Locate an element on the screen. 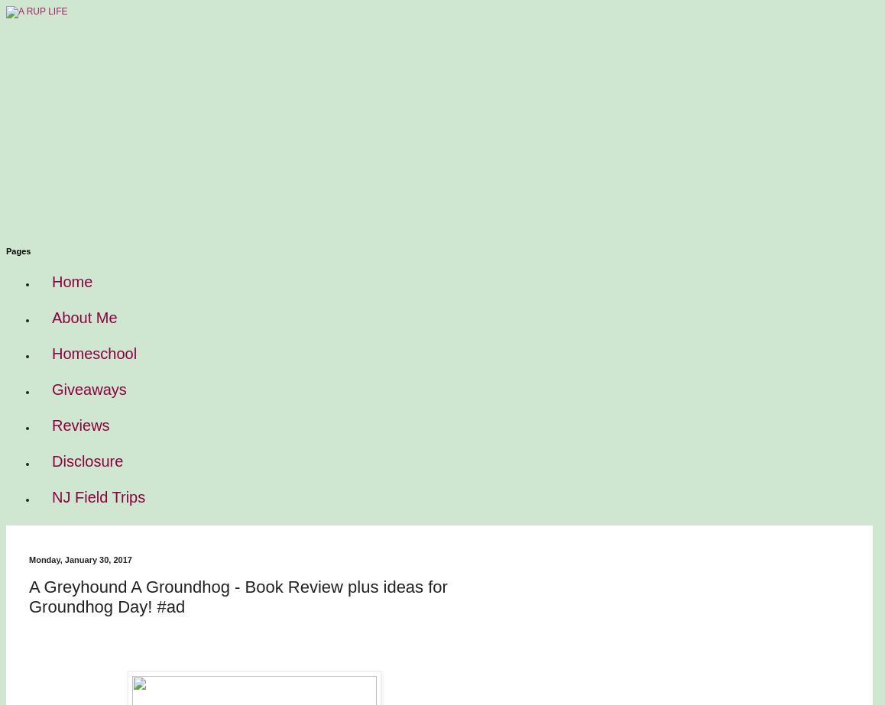  'NJ Field Trips' is located at coordinates (98, 496).